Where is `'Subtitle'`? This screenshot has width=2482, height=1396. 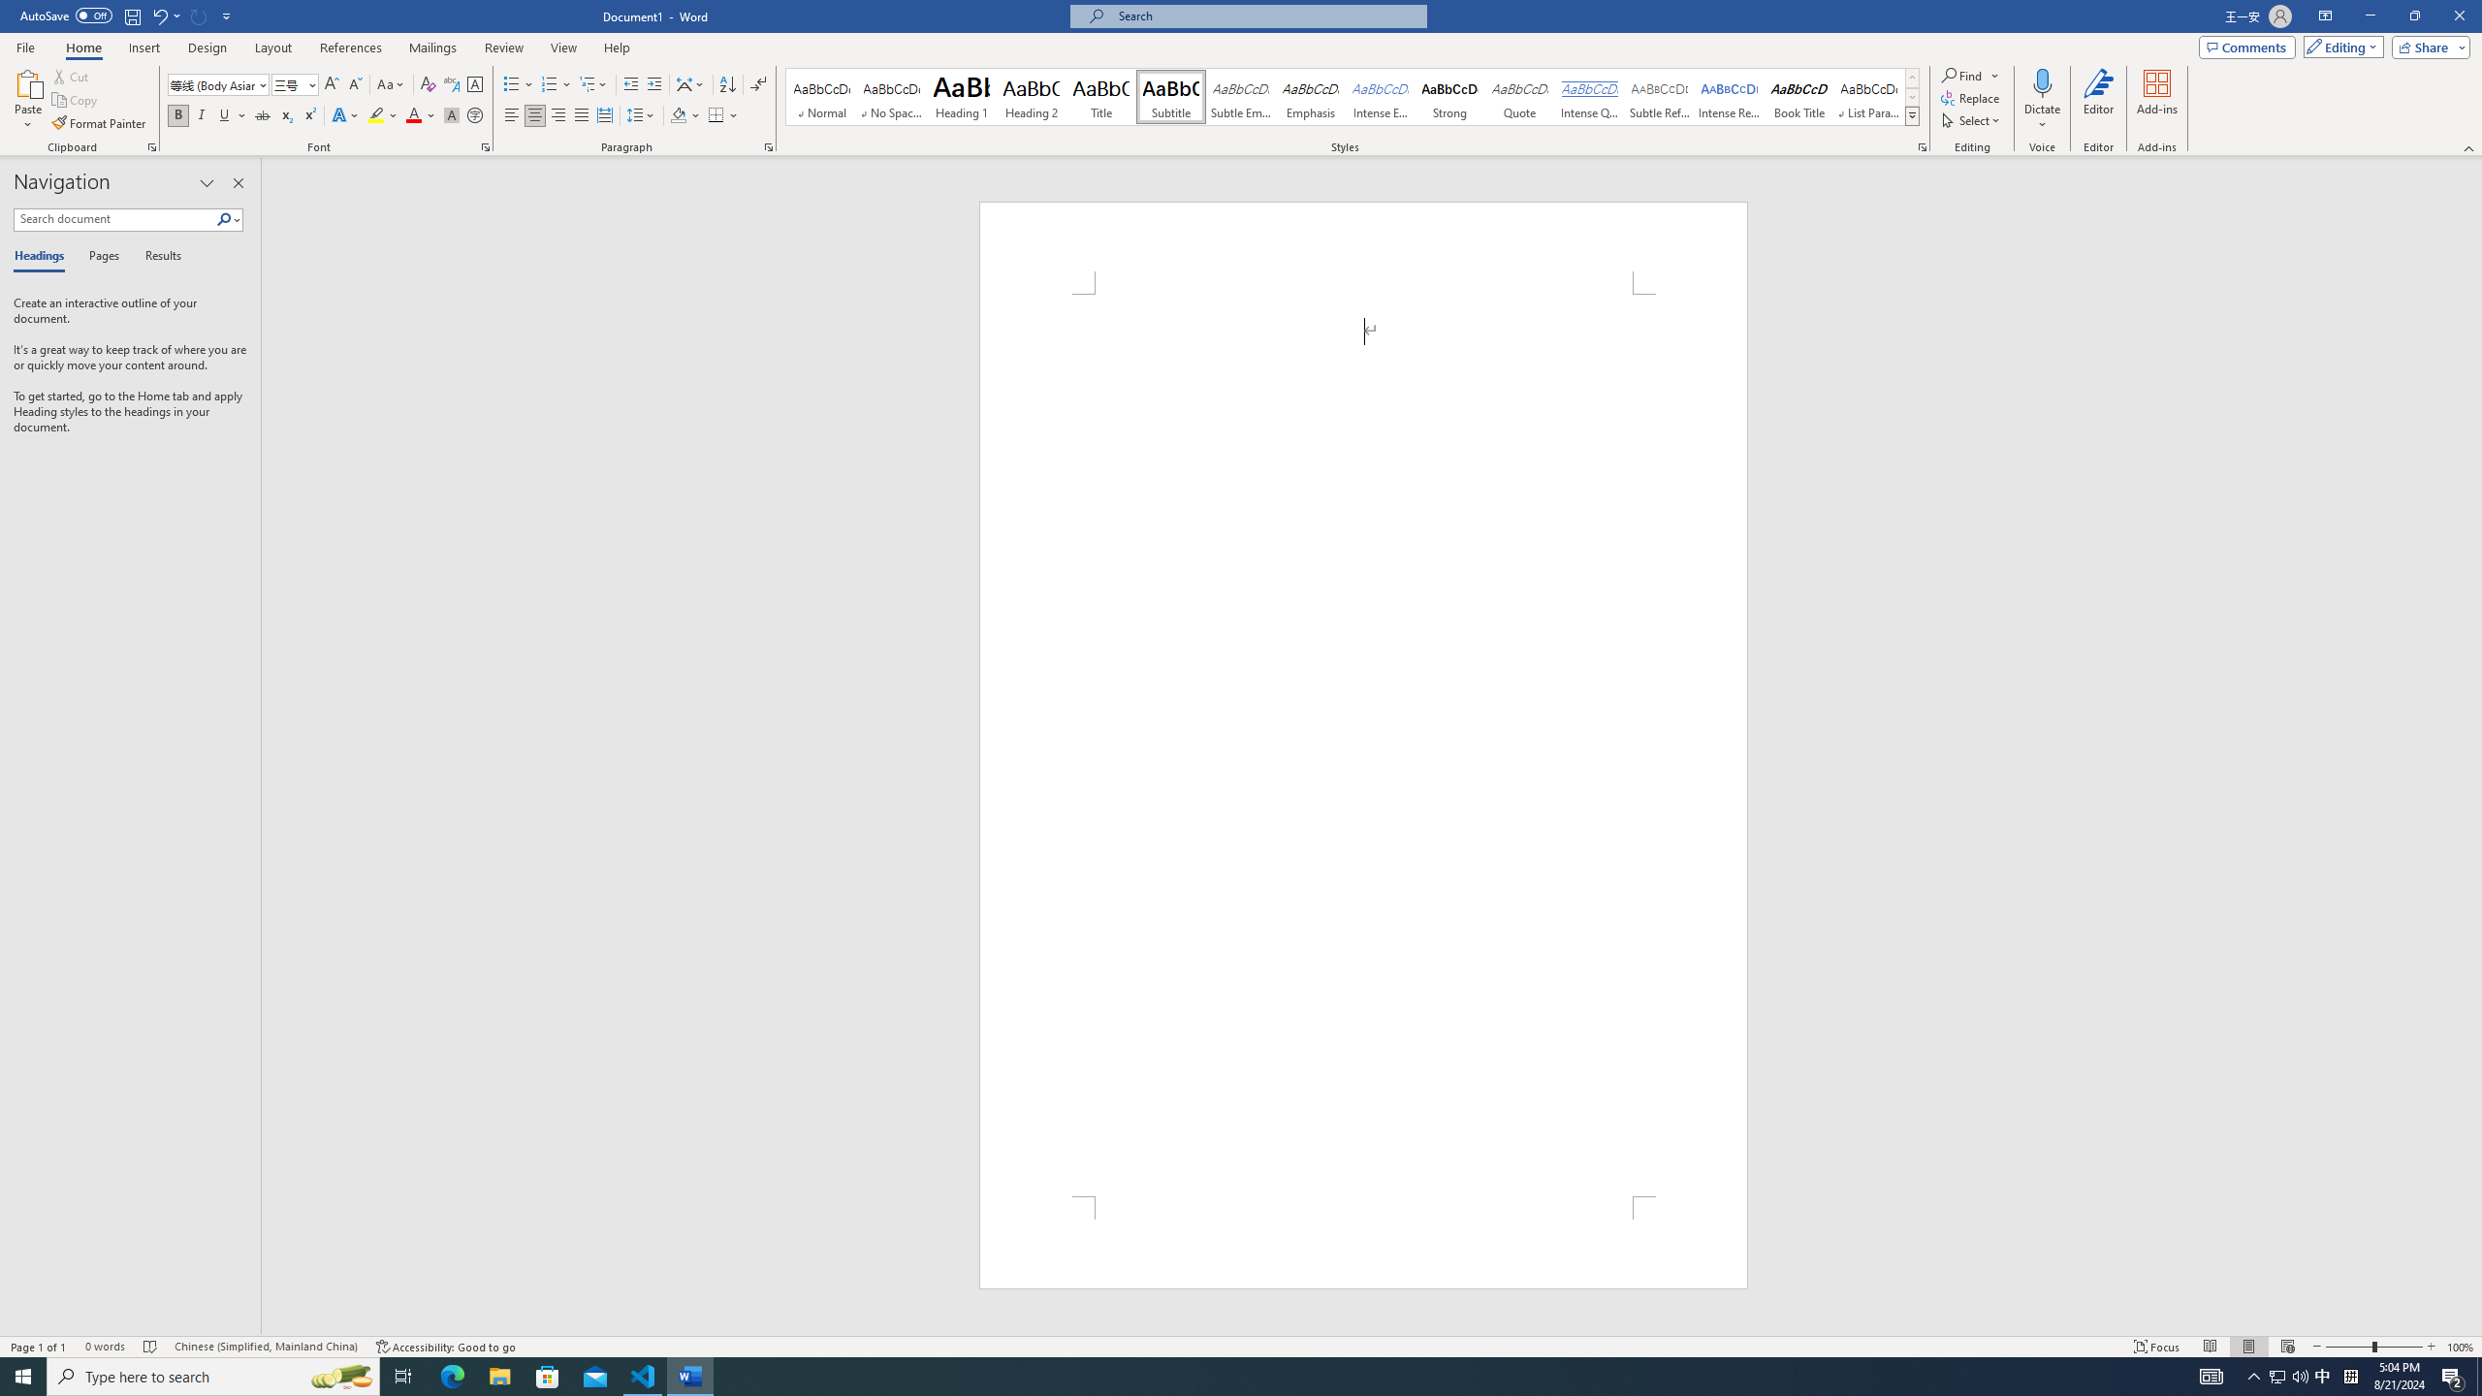
'Subtitle' is located at coordinates (1170, 96).